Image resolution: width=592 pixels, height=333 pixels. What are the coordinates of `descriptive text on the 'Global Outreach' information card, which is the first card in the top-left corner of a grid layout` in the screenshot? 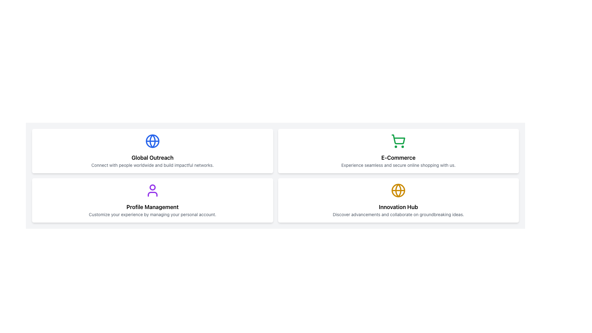 It's located at (152, 151).